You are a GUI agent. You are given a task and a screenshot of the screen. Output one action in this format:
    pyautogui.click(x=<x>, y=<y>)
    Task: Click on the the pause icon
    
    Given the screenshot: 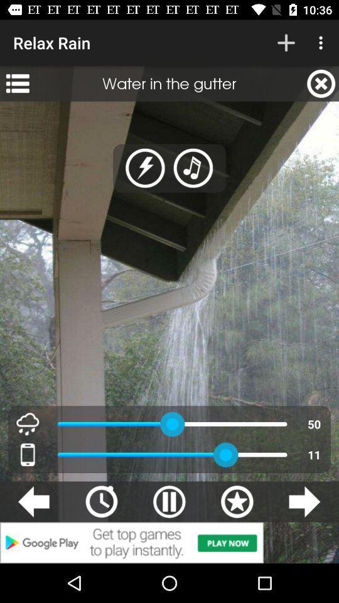 What is the action you would take?
    pyautogui.click(x=169, y=501)
    